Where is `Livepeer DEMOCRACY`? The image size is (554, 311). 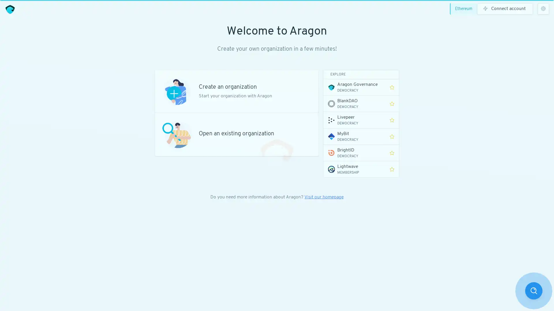 Livepeer DEMOCRACY is located at coordinates (354, 120).